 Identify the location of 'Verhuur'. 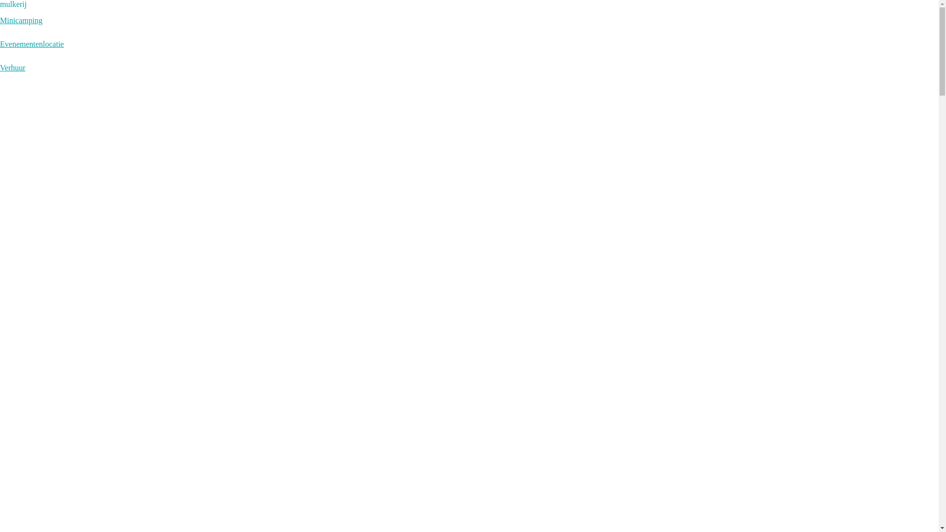
(12, 67).